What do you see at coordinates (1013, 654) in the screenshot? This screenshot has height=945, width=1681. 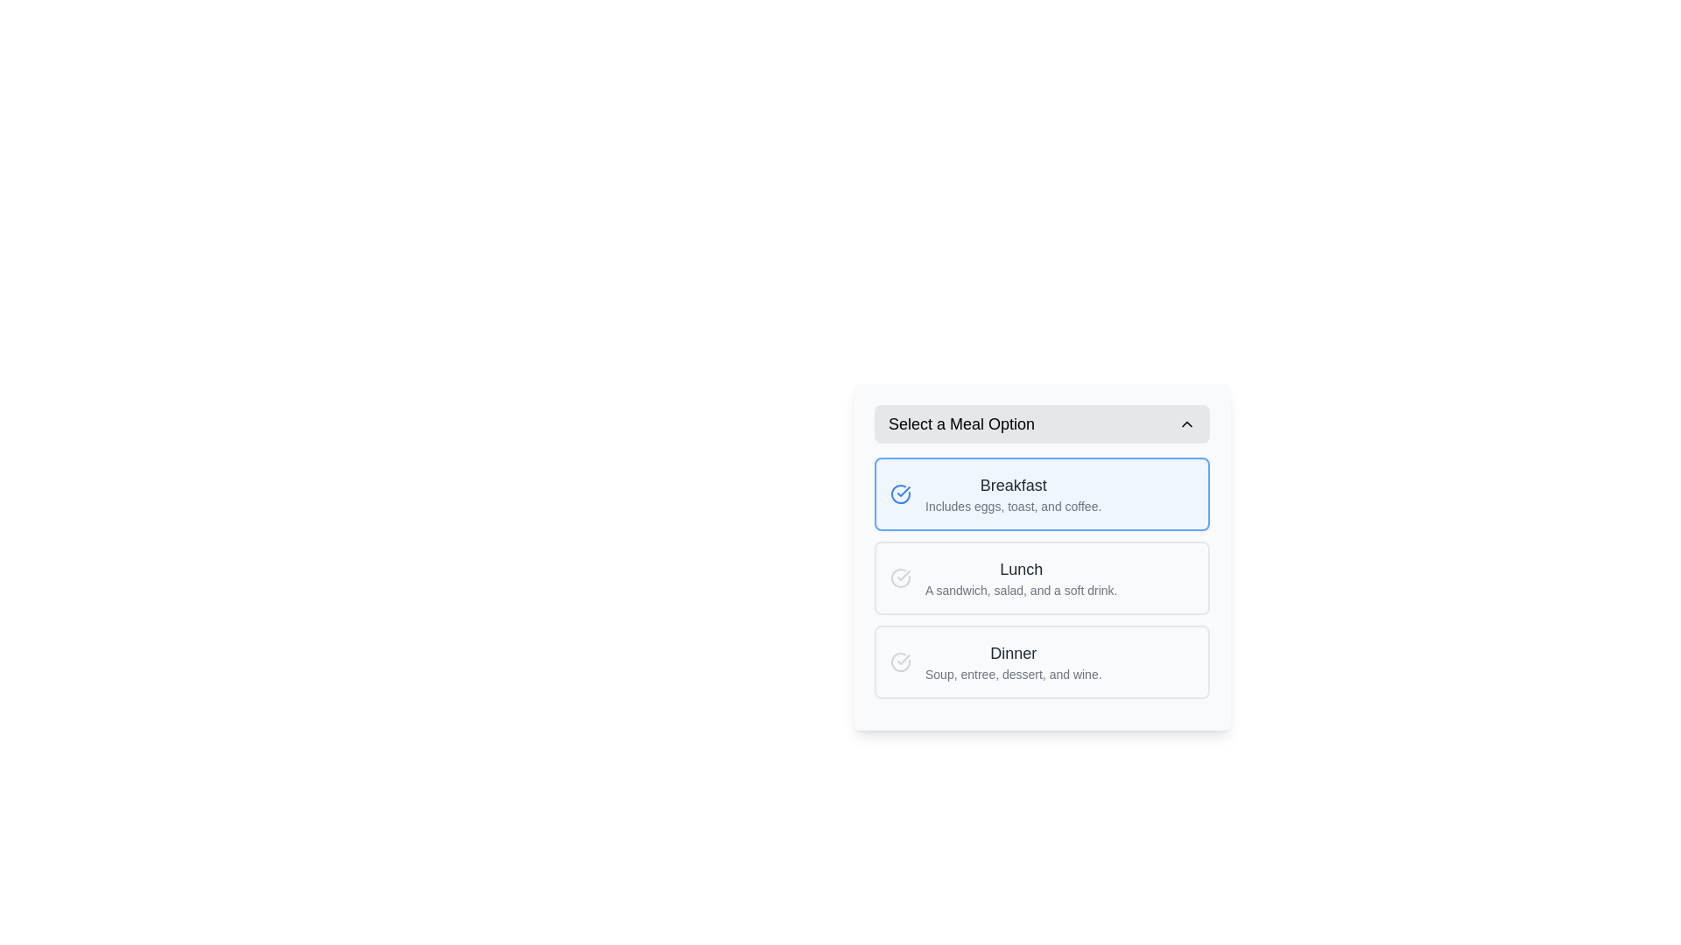 I see `the text label that reads 'Dinner', which is part of the third selectable menu option under 'Select a Meal Option'` at bounding box center [1013, 654].